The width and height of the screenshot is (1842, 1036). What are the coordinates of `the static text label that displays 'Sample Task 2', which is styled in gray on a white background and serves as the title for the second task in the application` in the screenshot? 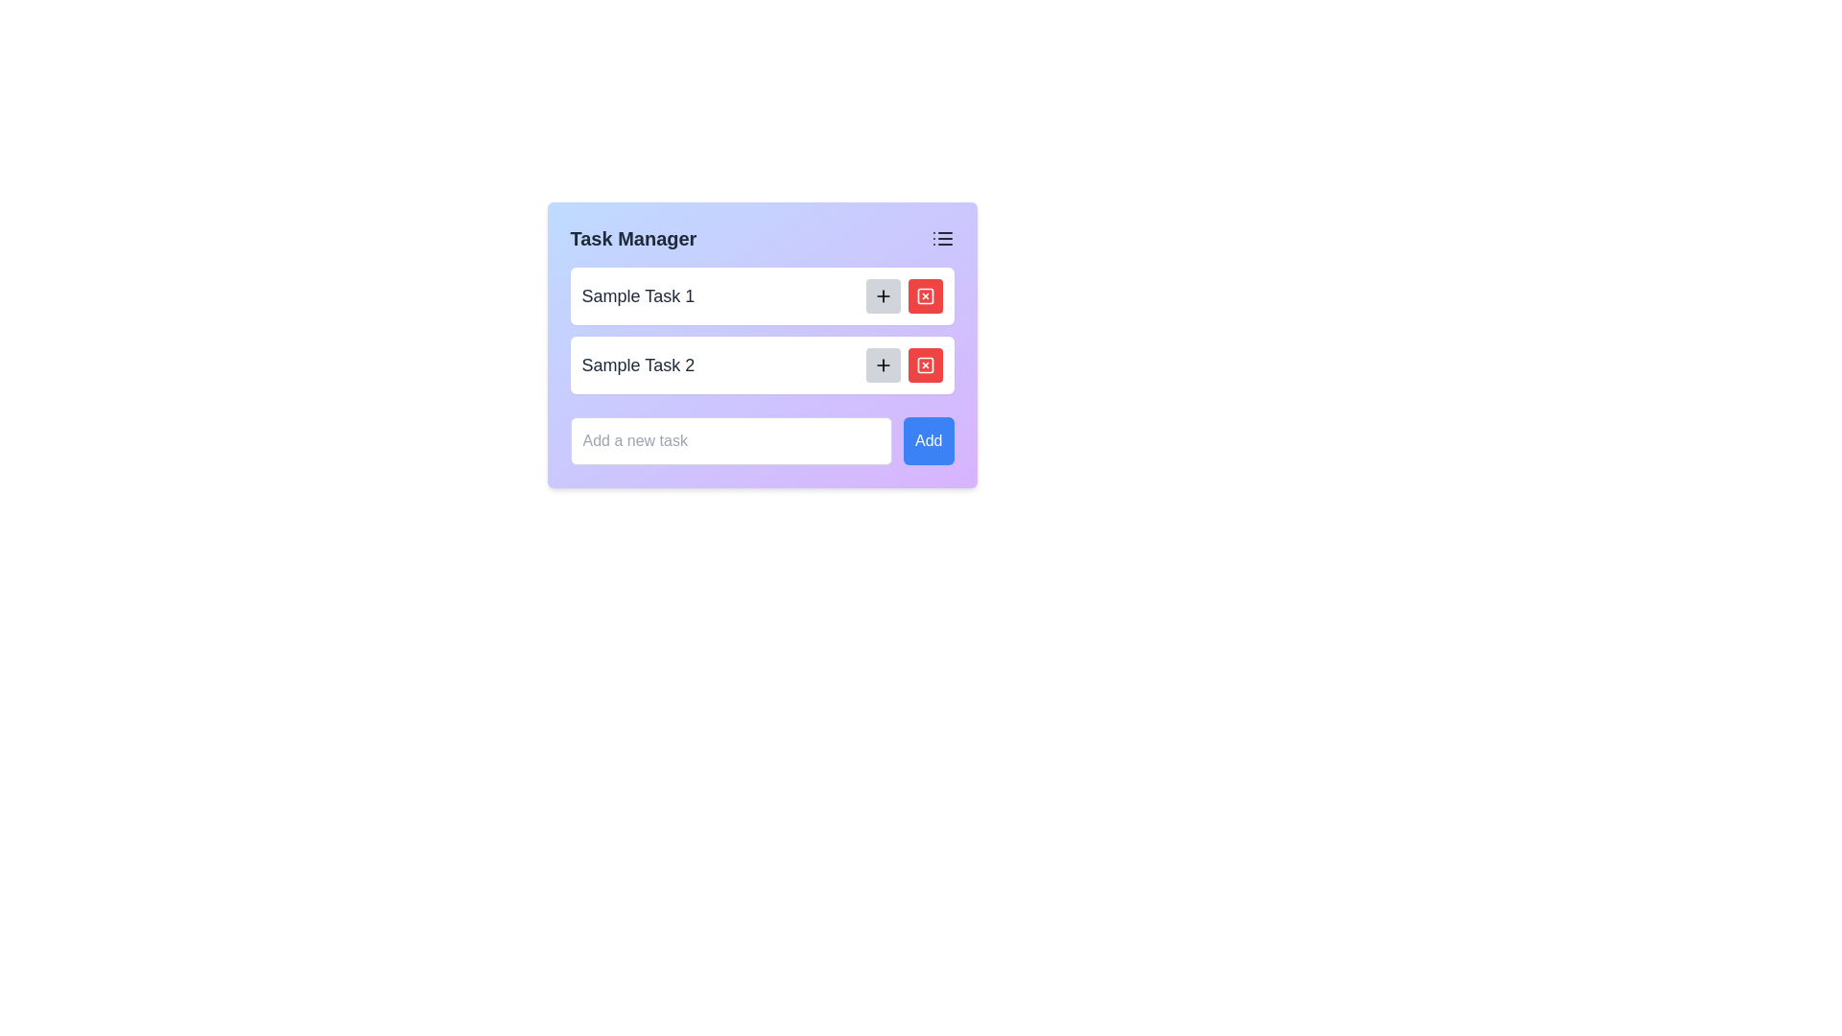 It's located at (638, 365).